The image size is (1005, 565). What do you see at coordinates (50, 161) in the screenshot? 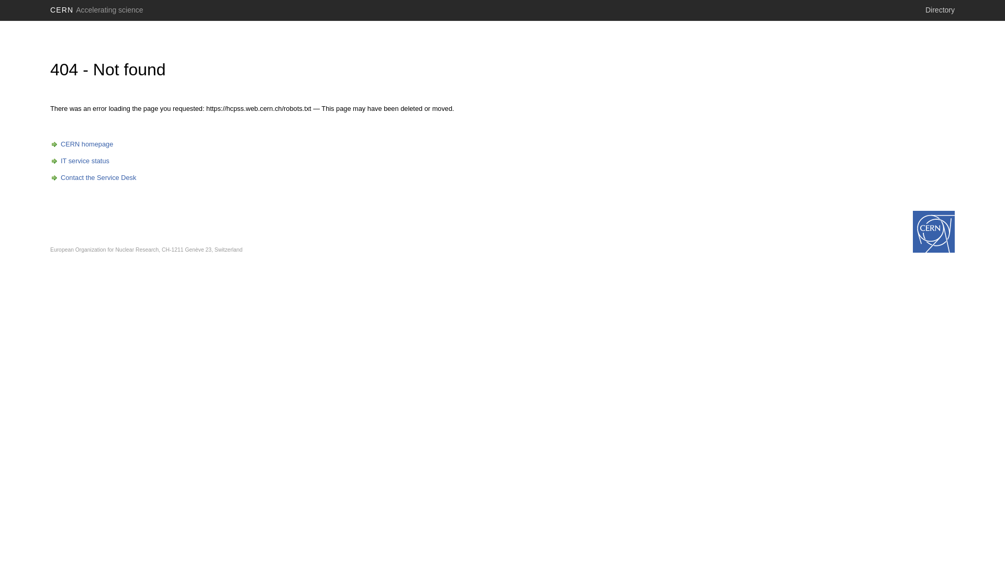
I see `'IT service status'` at bounding box center [50, 161].